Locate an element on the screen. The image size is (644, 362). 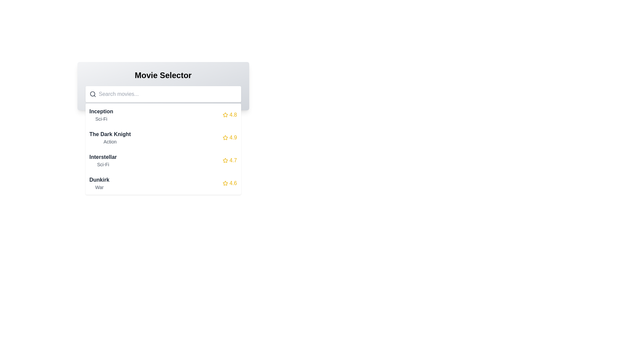
the gold five-pointed star icon located to the immediate left of the '4.7' rating in the 'Interstellar' movie entry under the 'Movie Selector' section is located at coordinates (225, 160).